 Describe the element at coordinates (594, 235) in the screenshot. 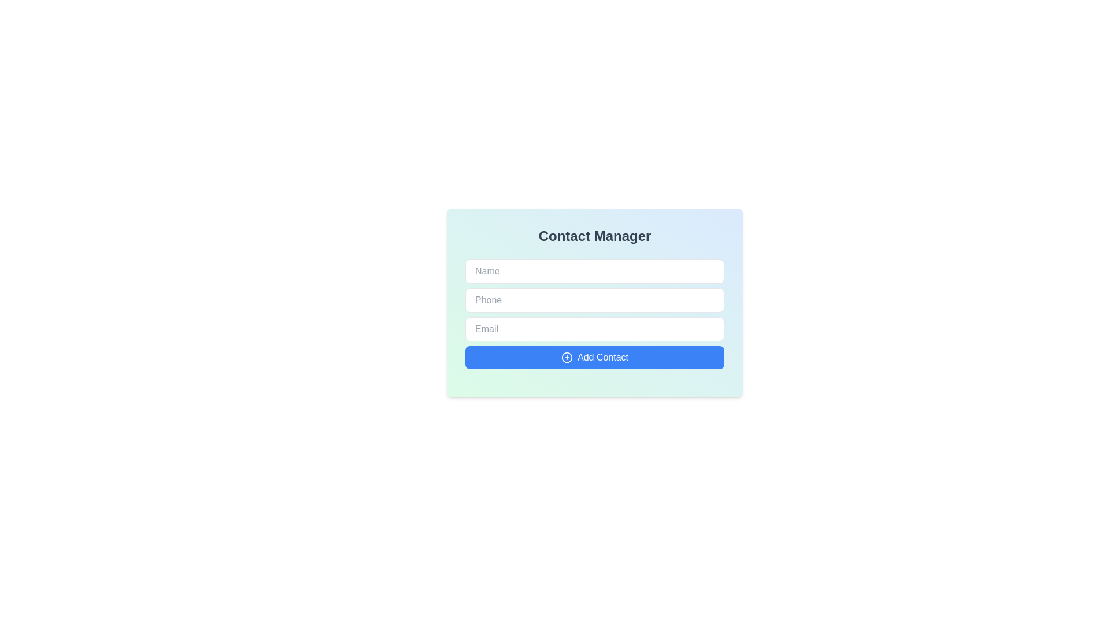

I see `the Text Header of the Contact Manager application, which serves as the section title positioned above the form fields` at that location.